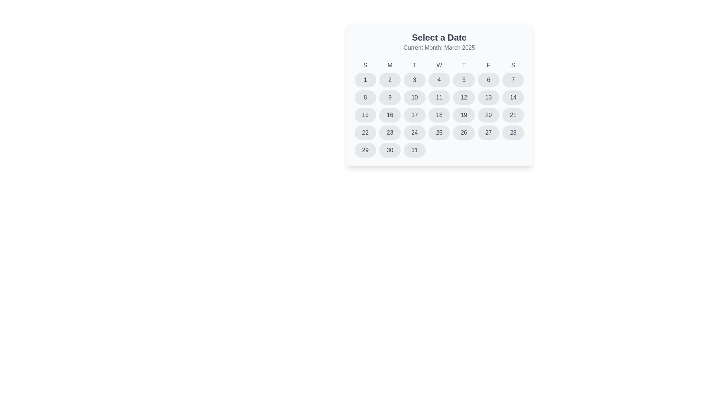 This screenshot has height=395, width=702. What do you see at coordinates (439, 42) in the screenshot?
I see `textual information from the static text block titled 'Select a Date' which provides context about the current month being March 2025` at bounding box center [439, 42].